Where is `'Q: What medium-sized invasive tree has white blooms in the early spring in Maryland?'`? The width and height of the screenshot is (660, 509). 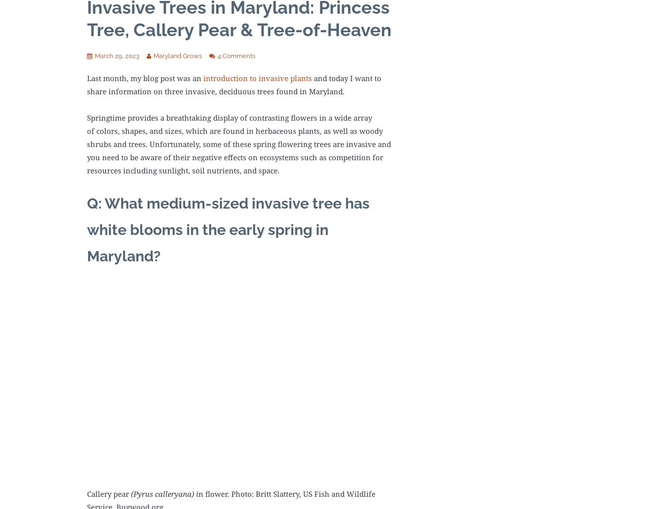 'Q: What medium-sized invasive tree has white blooms in the early spring in Maryland?' is located at coordinates (227, 229).